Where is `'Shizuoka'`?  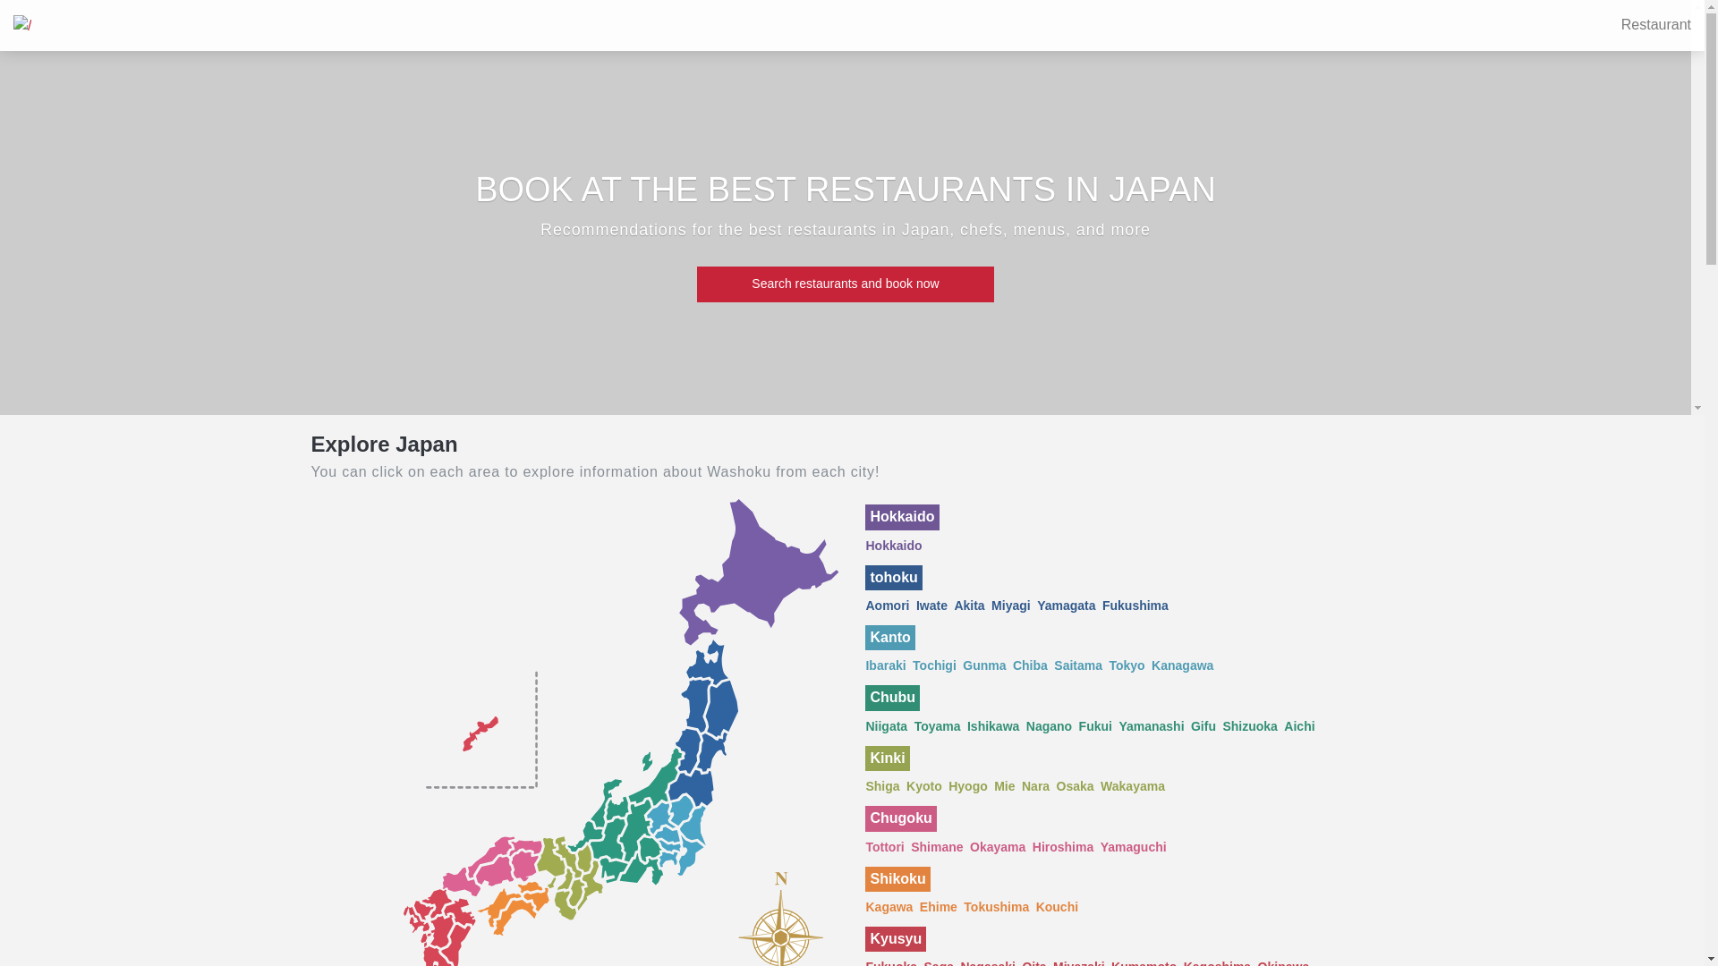
'Shizuoka' is located at coordinates (1248, 726).